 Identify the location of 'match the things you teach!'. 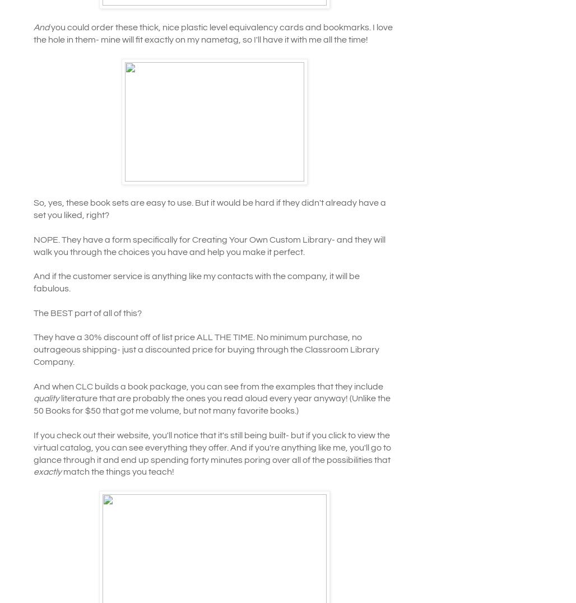
(117, 471).